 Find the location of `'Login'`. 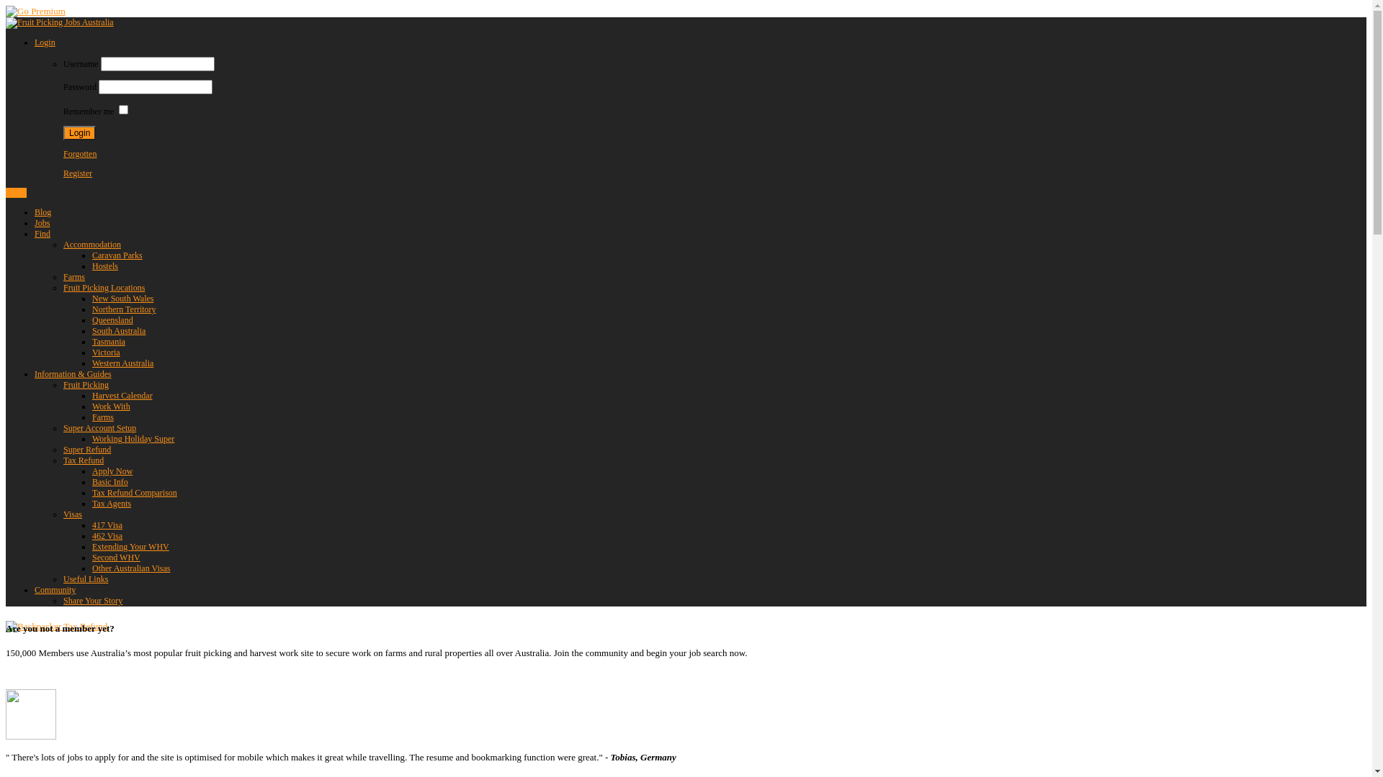

'Login' is located at coordinates (79, 133).